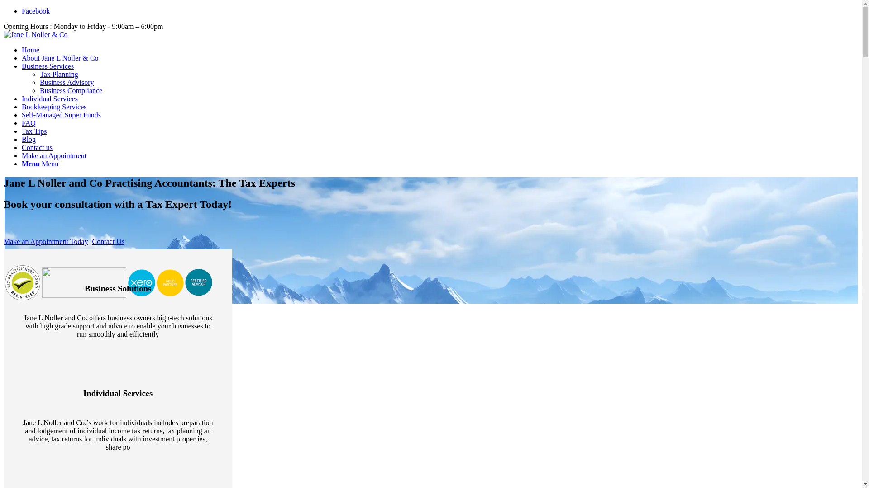 Image resolution: width=869 pixels, height=488 pixels. What do you see at coordinates (45, 241) in the screenshot?
I see `'Make an Appointment Today'` at bounding box center [45, 241].